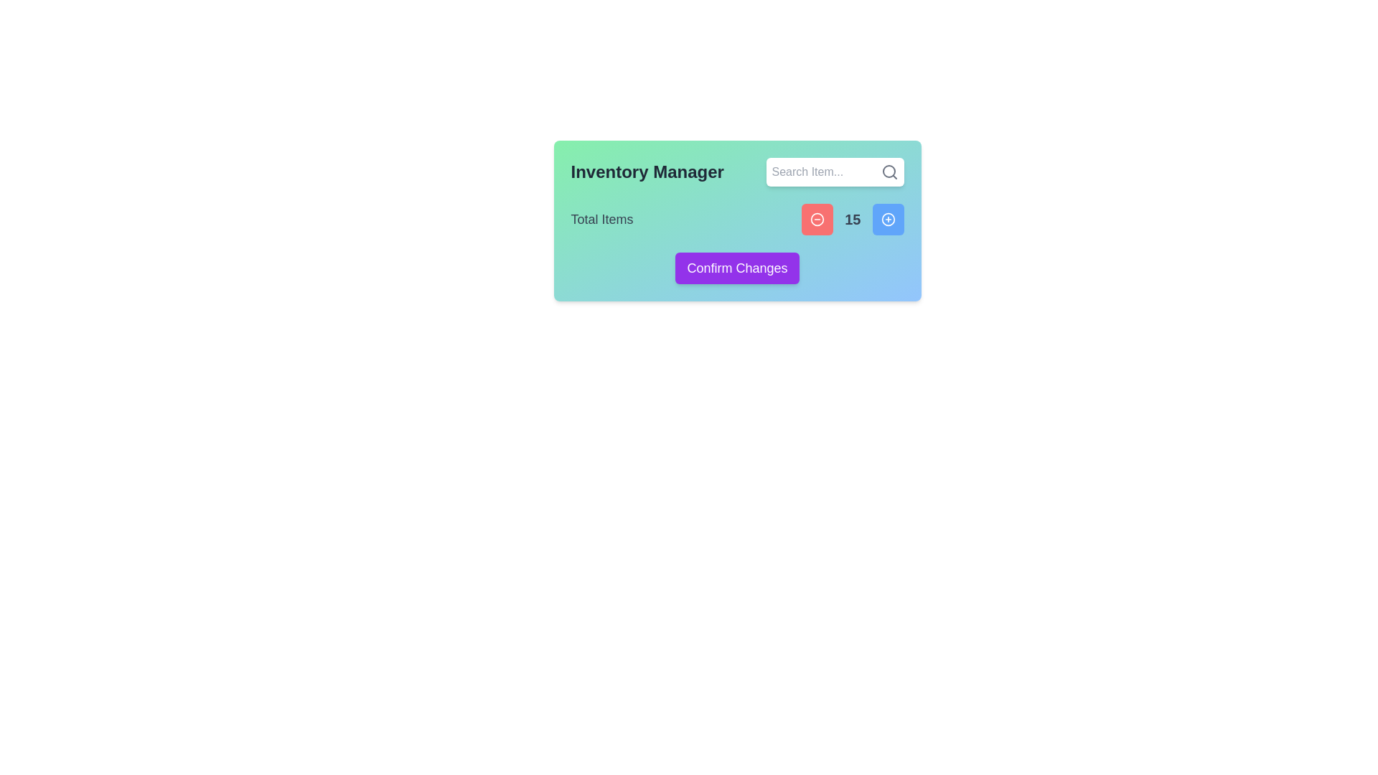  What do you see at coordinates (887, 219) in the screenshot?
I see `the blue circular button located to the right of the number '15'` at bounding box center [887, 219].